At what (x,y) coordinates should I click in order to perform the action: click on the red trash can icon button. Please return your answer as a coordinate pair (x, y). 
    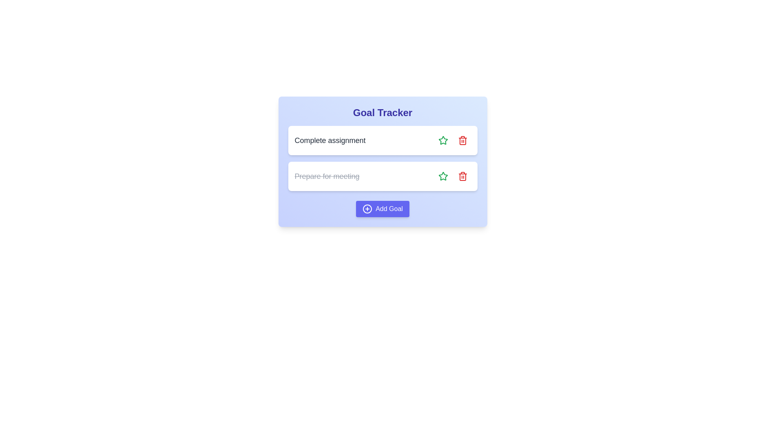
    Looking at the image, I should click on (462, 176).